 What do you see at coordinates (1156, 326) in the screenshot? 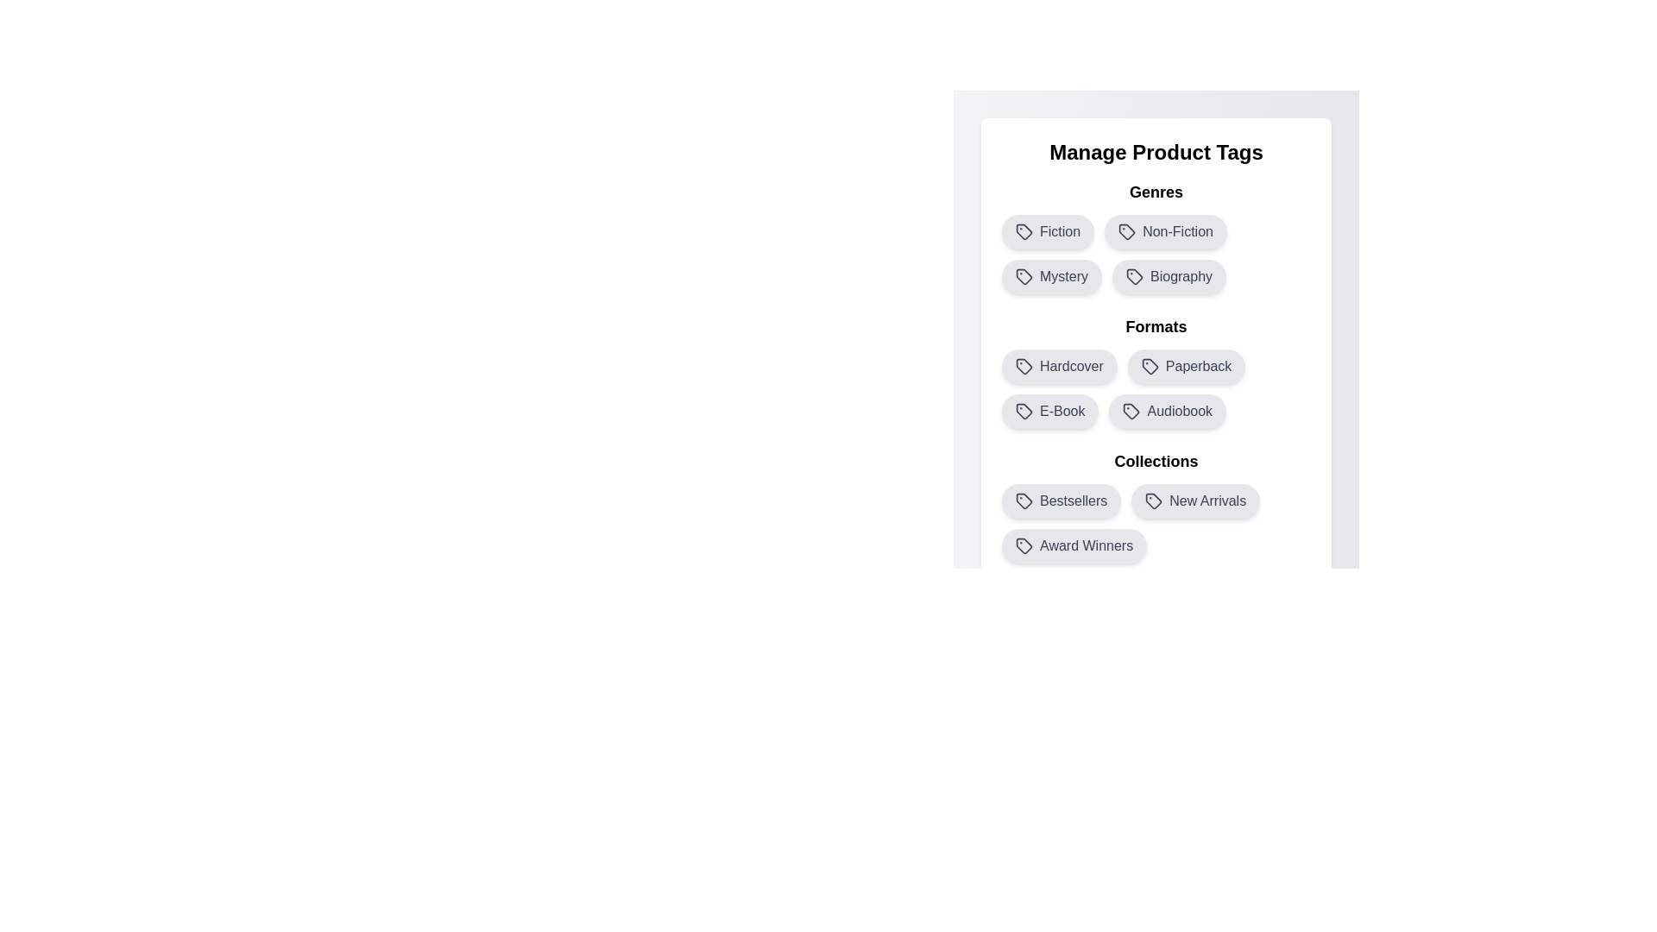
I see `the 'Formats' text label that categorizes the subsequent options in the 'Manage Product Tags' interface, positioned between the 'Genres' section and the format options` at bounding box center [1156, 326].